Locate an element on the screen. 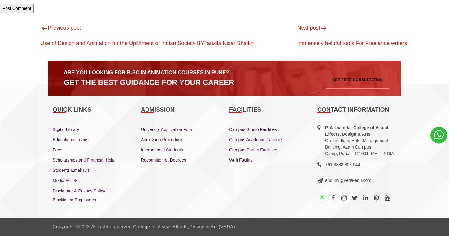 Image resolution: width=449 pixels, height=236 pixels. 'Media Assets' is located at coordinates (65, 180).